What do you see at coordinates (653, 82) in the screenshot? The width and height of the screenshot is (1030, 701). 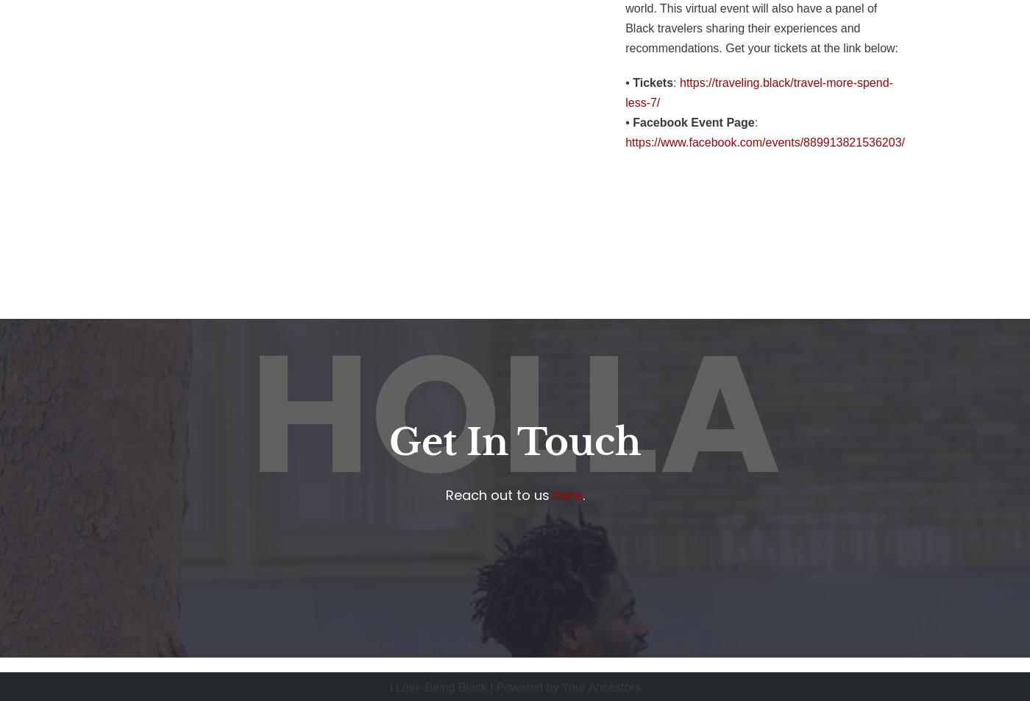 I see `'Tickets'` at bounding box center [653, 82].